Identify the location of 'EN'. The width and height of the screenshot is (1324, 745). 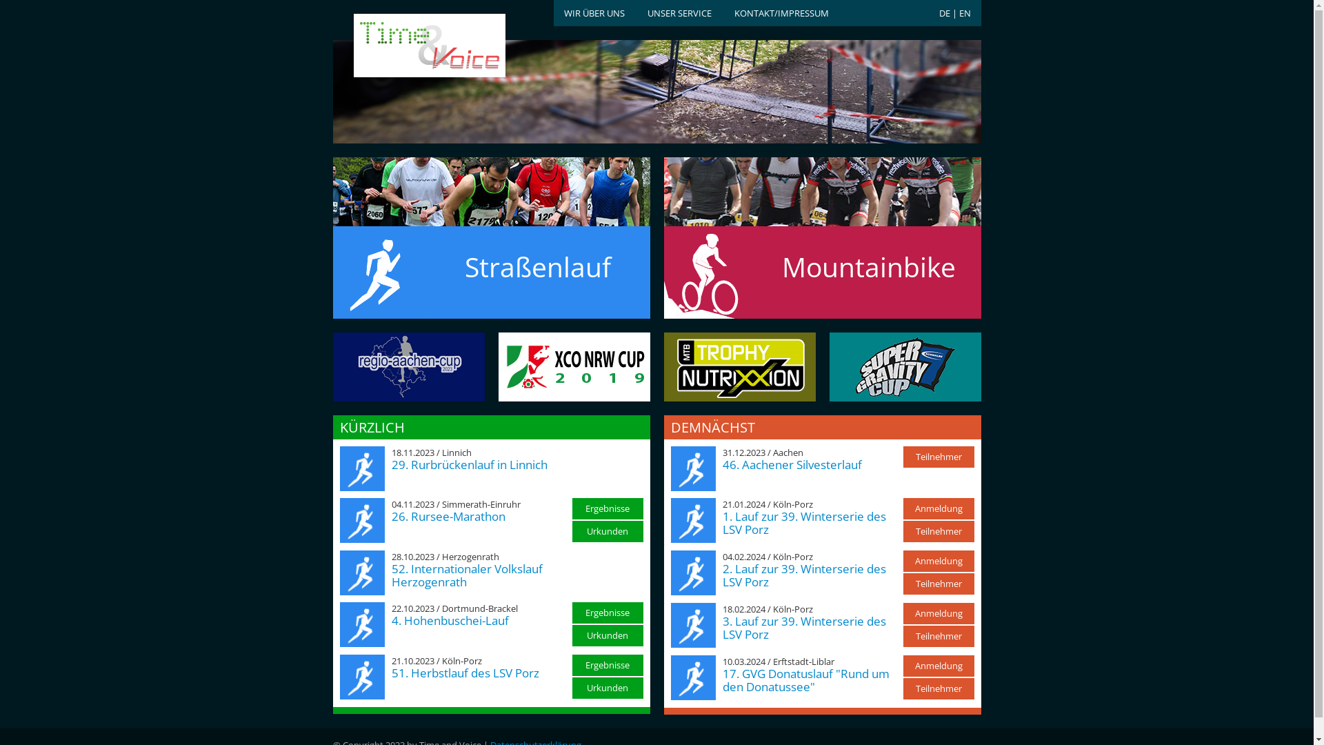
(963, 13).